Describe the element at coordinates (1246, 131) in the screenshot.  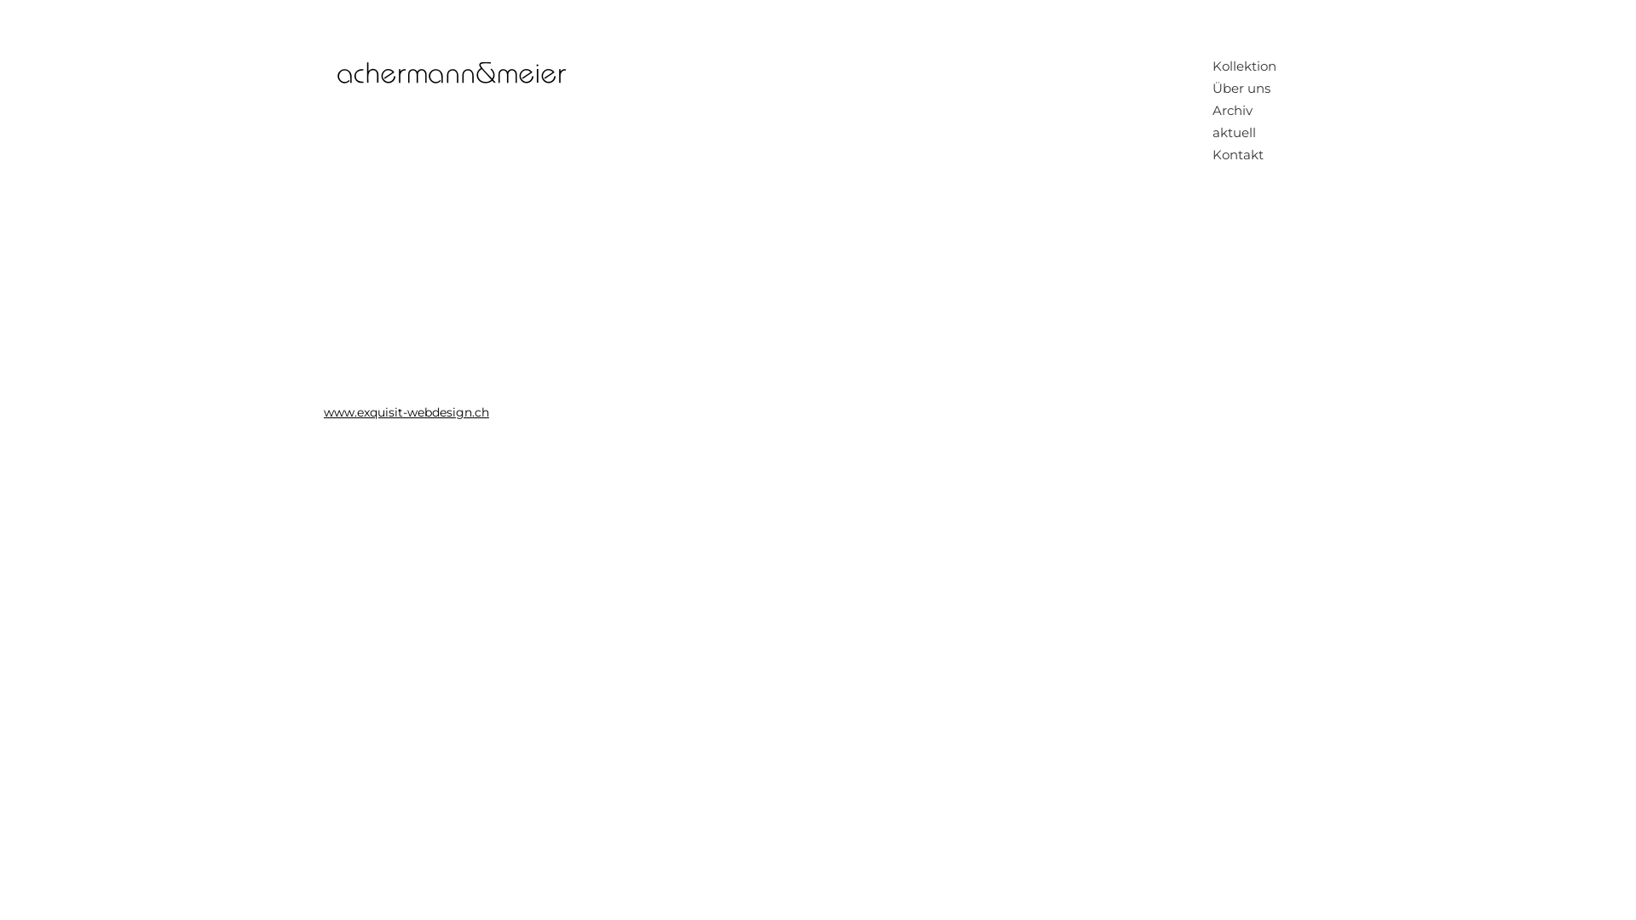
I see `'aktuell'` at that location.